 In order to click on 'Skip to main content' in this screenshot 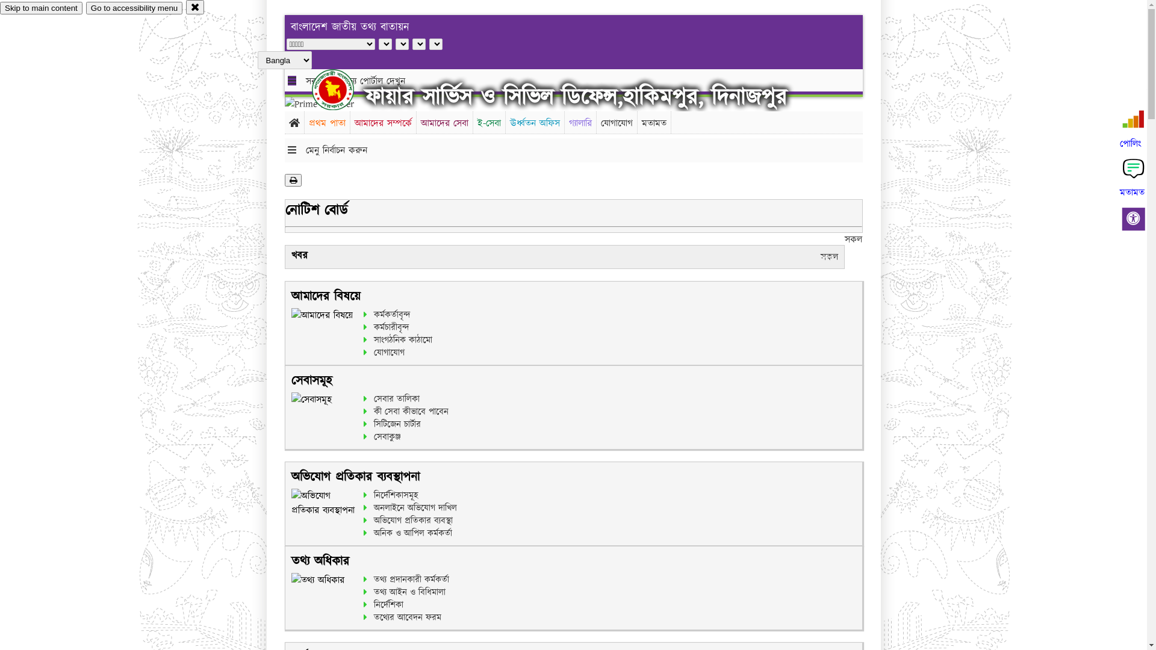, I will do `click(41, 8)`.